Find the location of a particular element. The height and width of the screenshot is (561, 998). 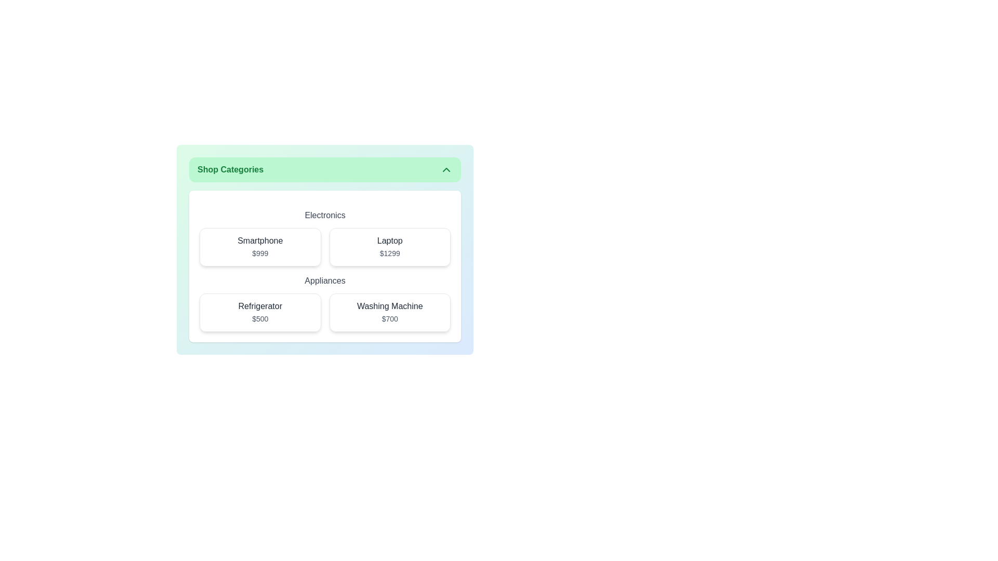

the Button-like SVG icon in the top-right corner of the green header labeled 'Shop Categories' is located at coordinates (447, 169).